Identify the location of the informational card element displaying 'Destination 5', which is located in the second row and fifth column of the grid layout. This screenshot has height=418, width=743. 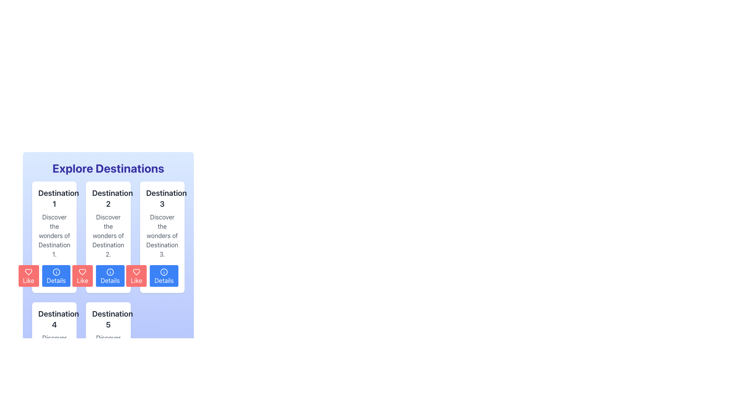
(108, 358).